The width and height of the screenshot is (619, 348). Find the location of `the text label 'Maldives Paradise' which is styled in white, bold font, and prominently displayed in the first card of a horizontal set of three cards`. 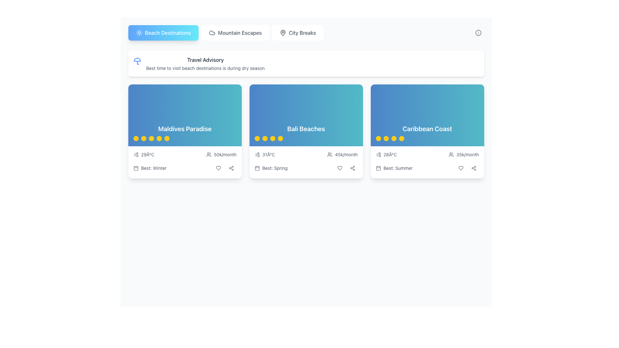

the text label 'Maldives Paradise' which is styled in white, bold font, and prominently displayed in the first card of a horizontal set of three cards is located at coordinates (184, 129).